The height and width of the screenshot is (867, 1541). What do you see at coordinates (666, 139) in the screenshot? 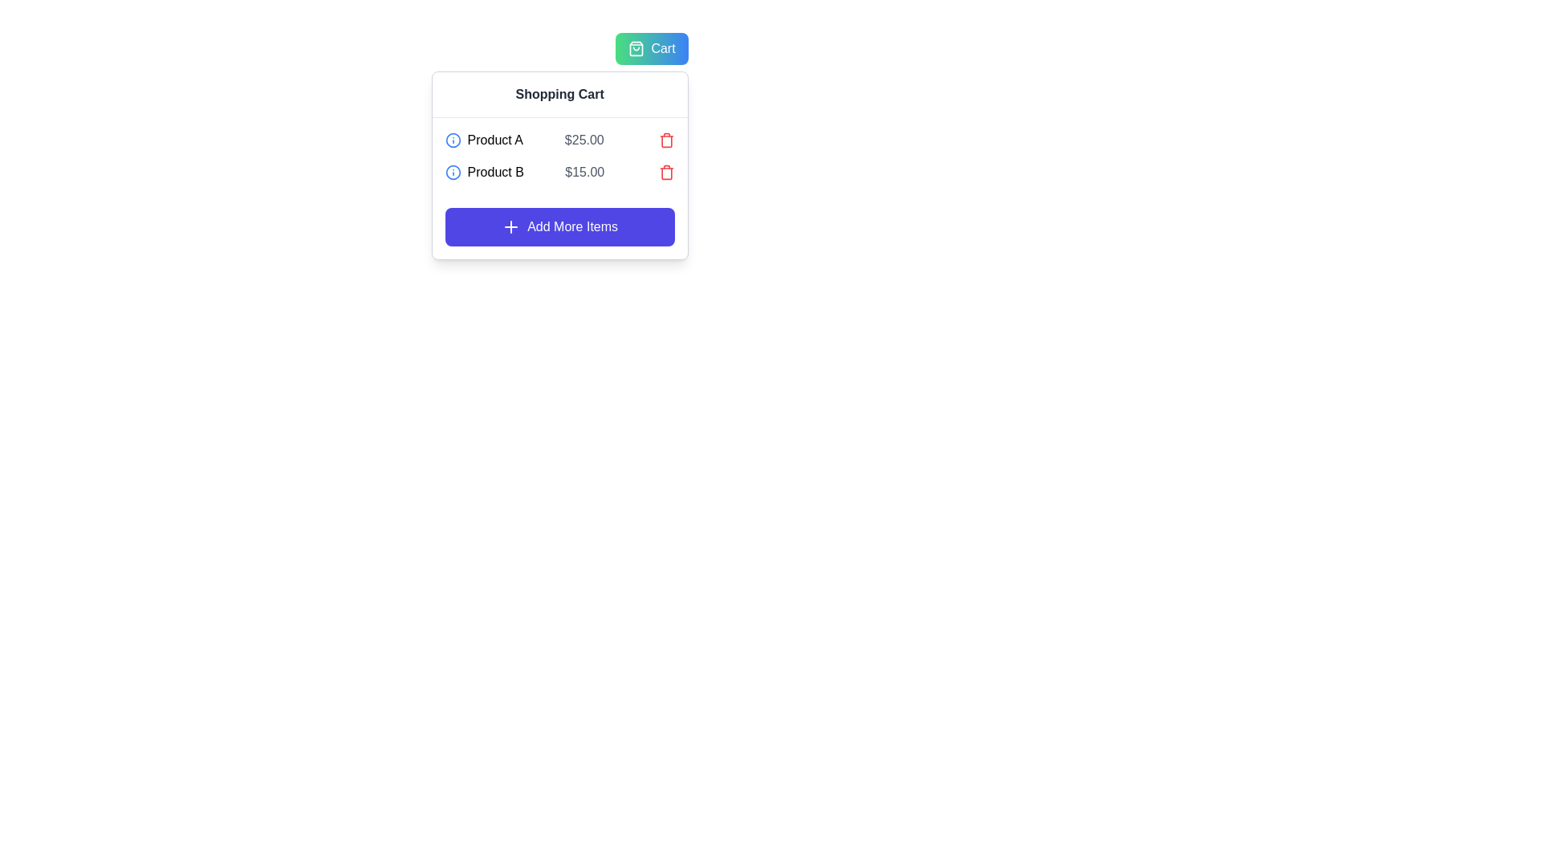
I see `the trash bin icon button` at bounding box center [666, 139].